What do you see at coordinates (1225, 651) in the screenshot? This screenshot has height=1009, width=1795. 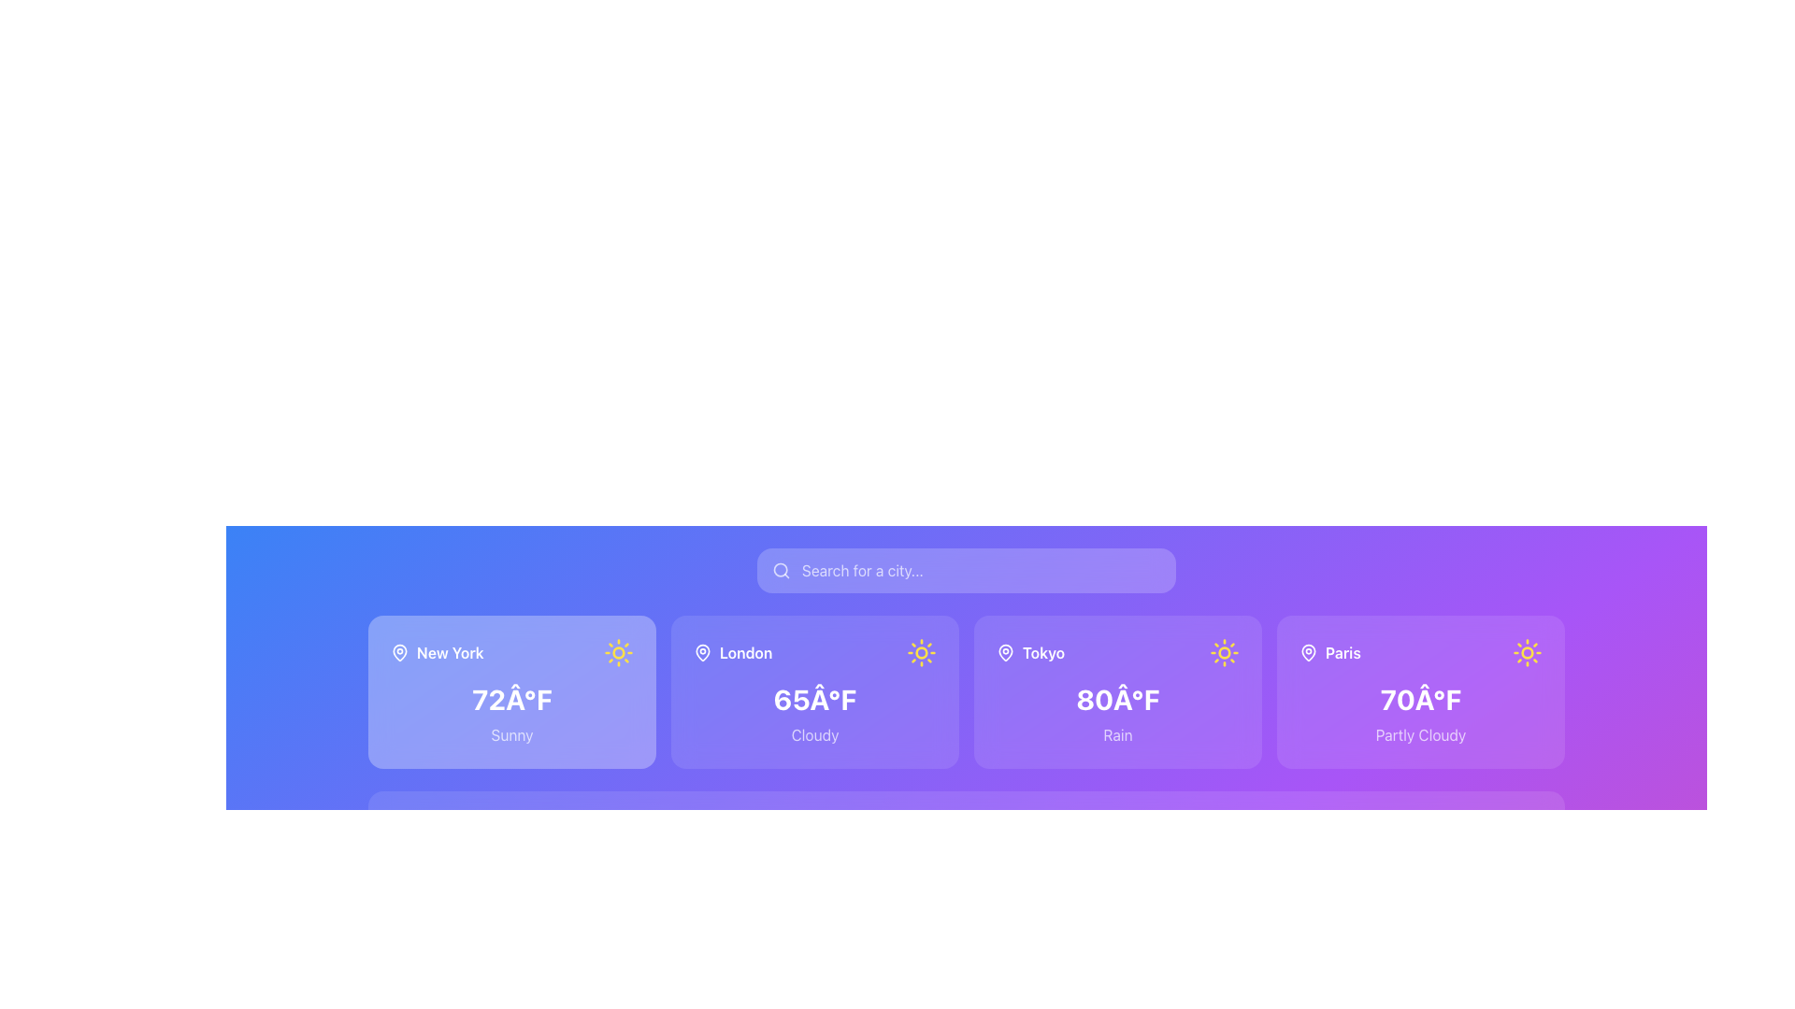 I see `the inner core of the sun icon representing sunny weather conditions on the 'Tokyo' weather card, located at the top-right corner` at bounding box center [1225, 651].